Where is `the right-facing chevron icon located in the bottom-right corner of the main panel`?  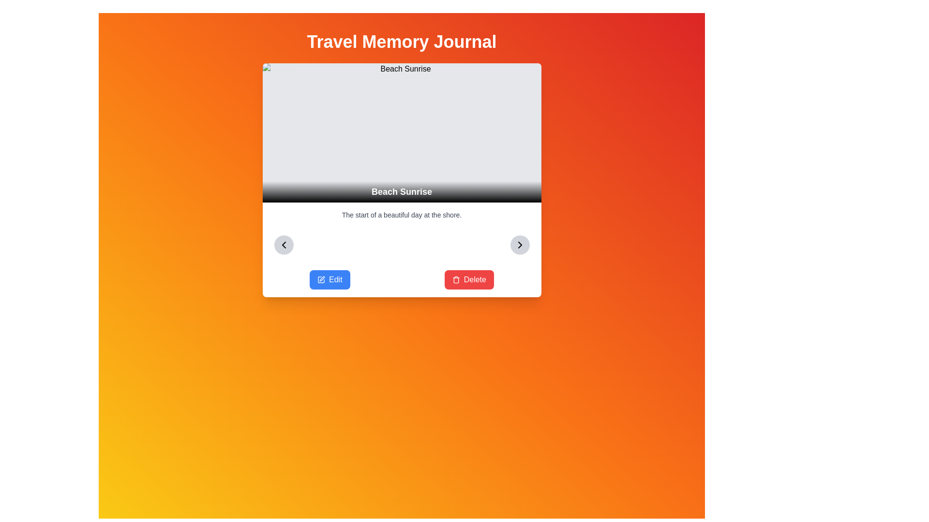 the right-facing chevron icon located in the bottom-right corner of the main panel is located at coordinates (519, 244).